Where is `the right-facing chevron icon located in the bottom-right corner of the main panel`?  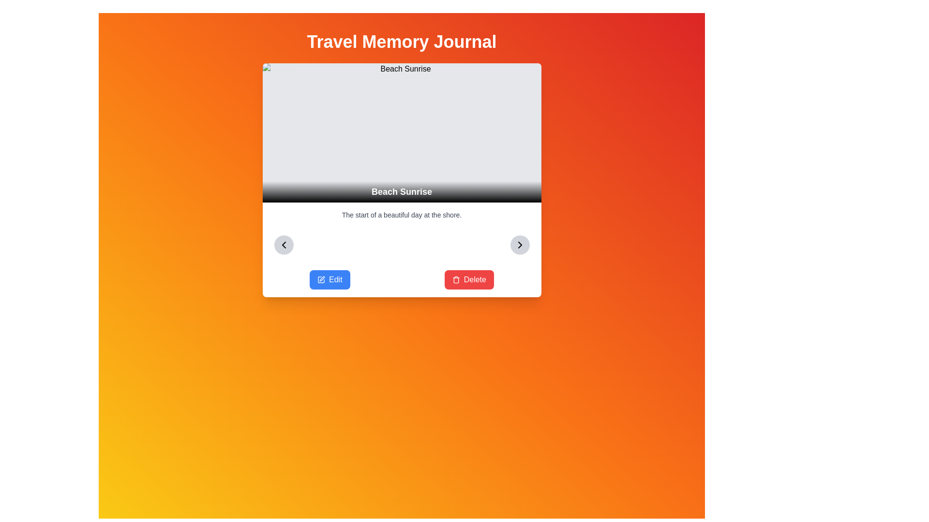 the right-facing chevron icon located in the bottom-right corner of the main panel is located at coordinates (519, 244).